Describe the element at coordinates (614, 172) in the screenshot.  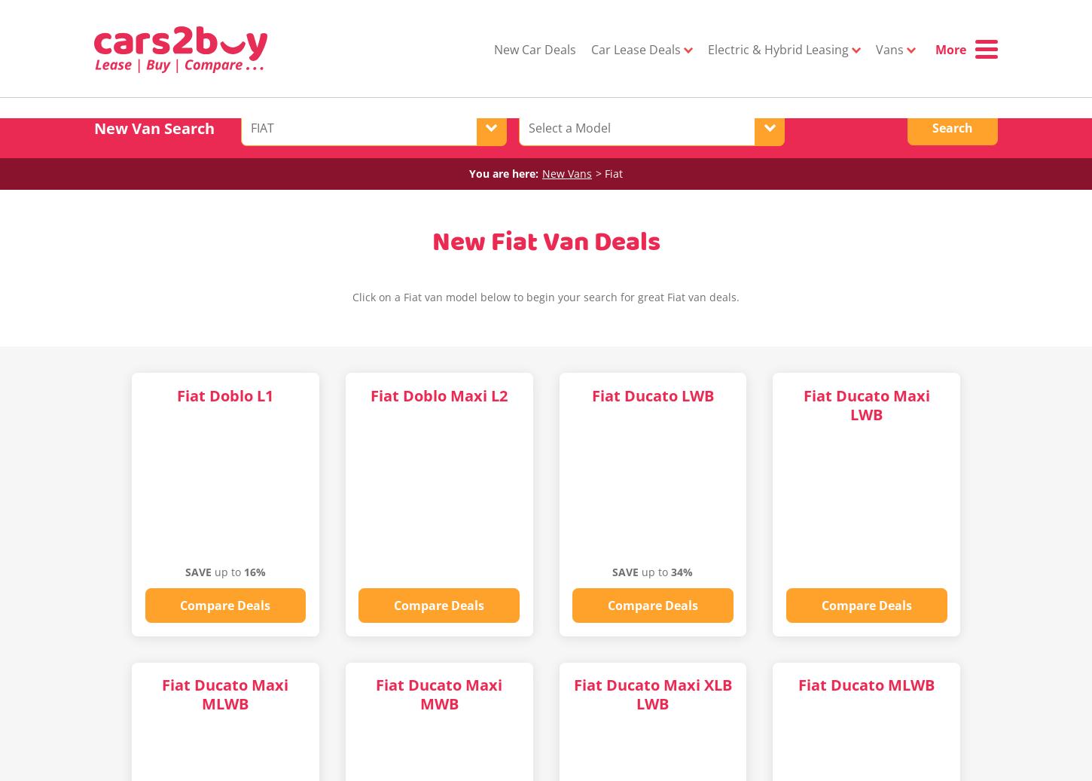
I see `'Fiat'` at that location.